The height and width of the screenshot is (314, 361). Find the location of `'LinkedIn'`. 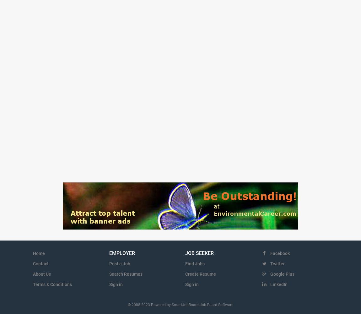

'LinkedIn' is located at coordinates (269, 284).